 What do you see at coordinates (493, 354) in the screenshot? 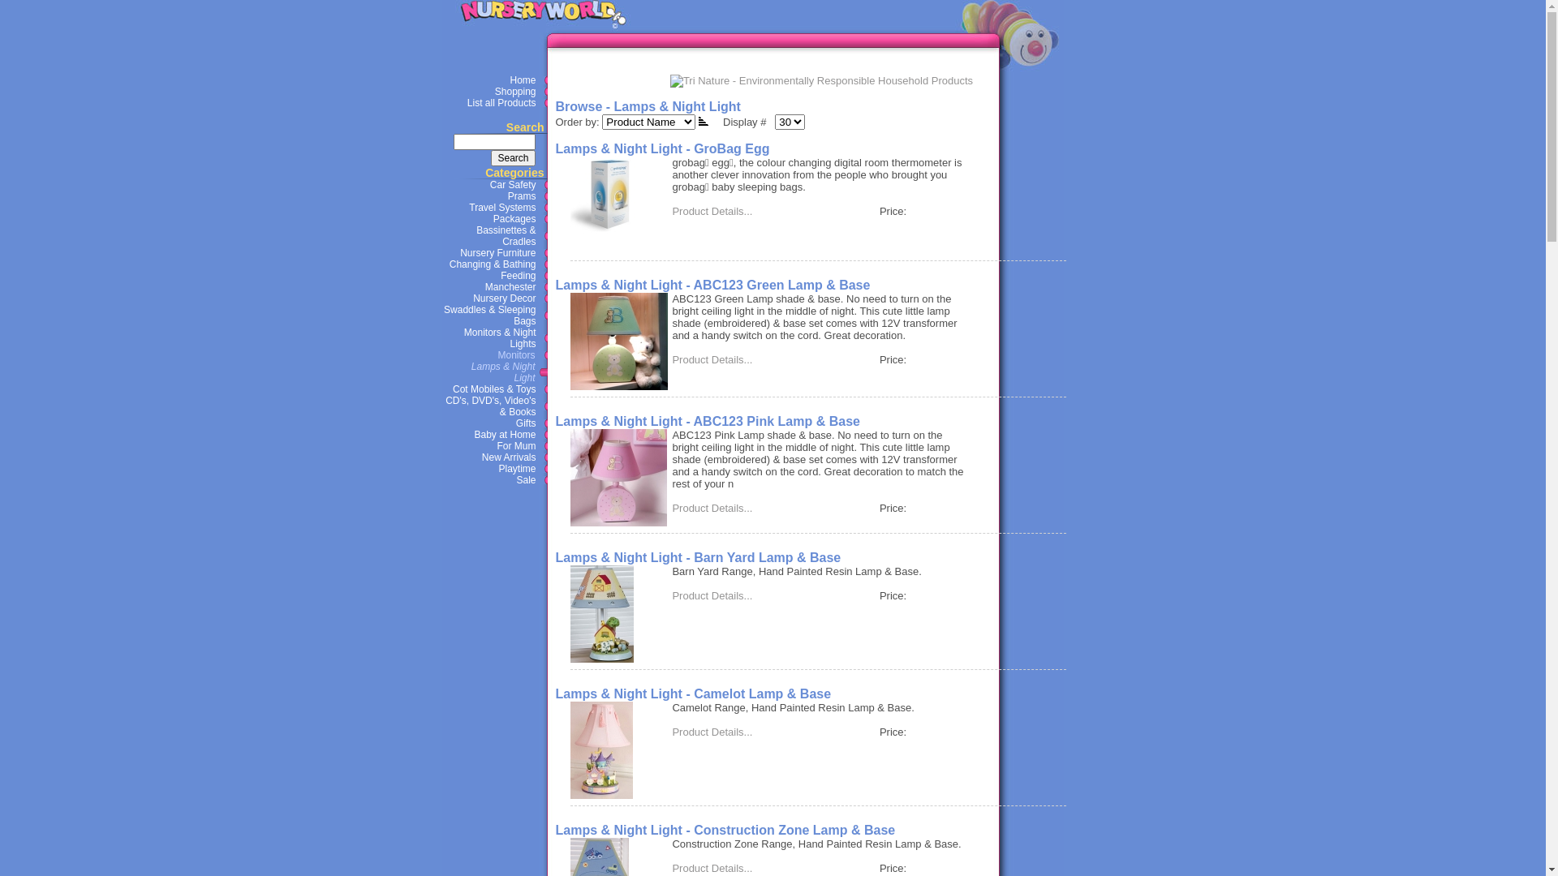
I see `'   Monitors'` at bounding box center [493, 354].